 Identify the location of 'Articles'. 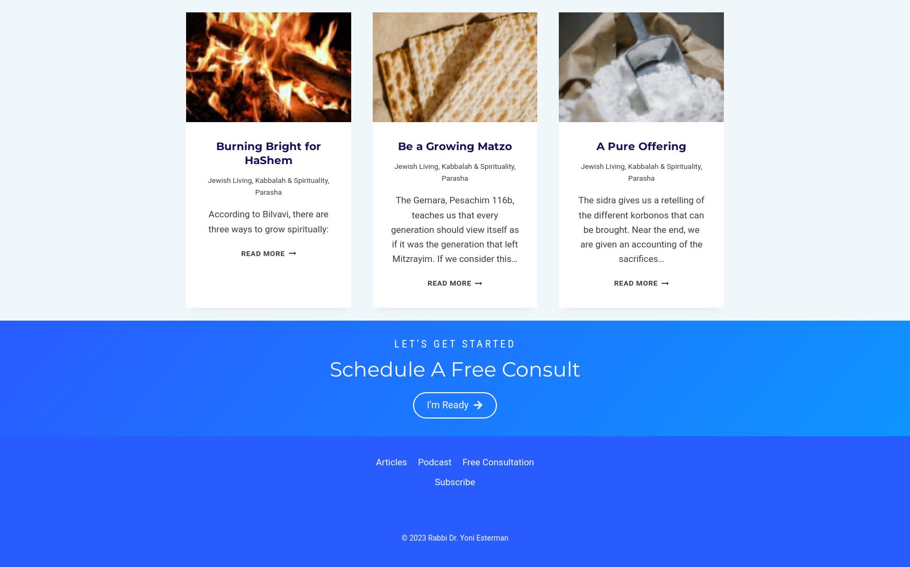
(390, 461).